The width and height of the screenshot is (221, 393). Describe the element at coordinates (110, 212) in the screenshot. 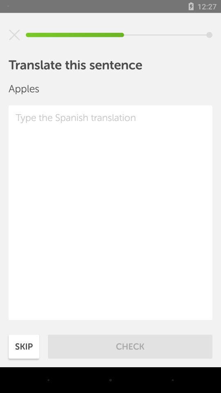

I see `type` at that location.